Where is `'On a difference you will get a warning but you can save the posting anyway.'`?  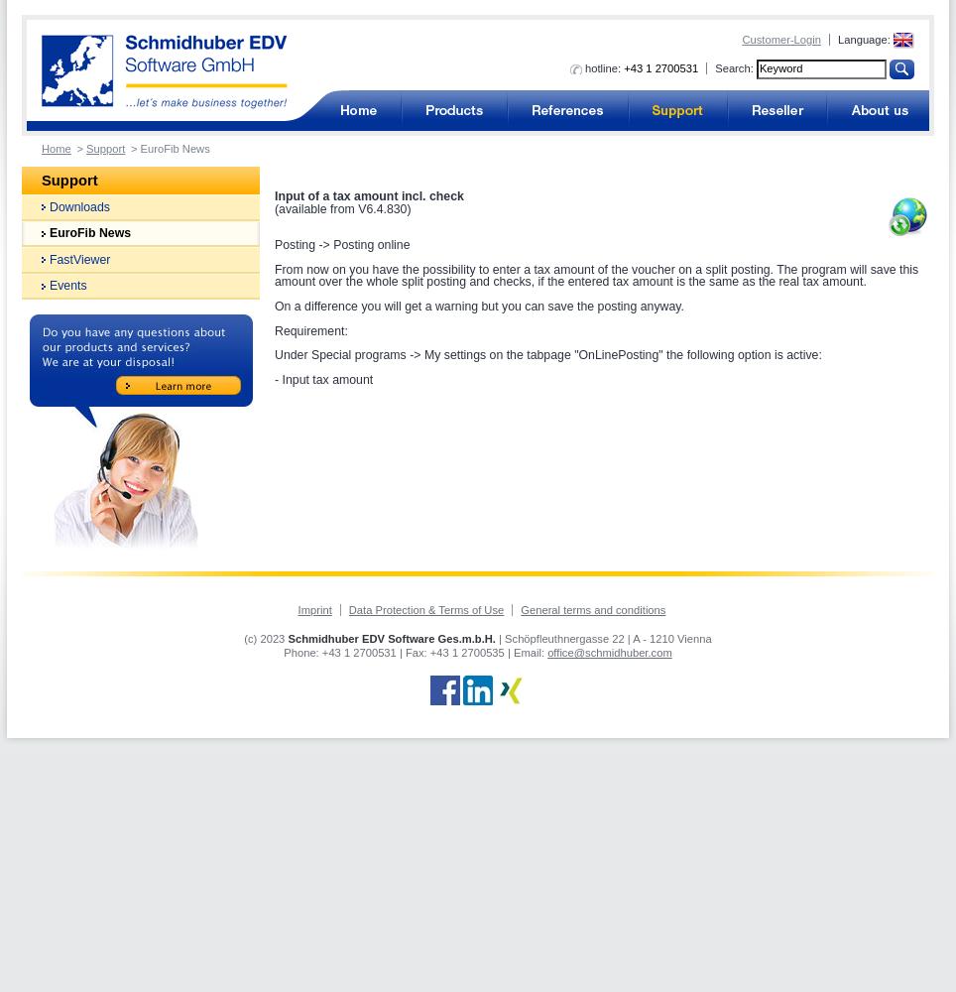 'On a difference you will get a warning but you can save the posting anyway.' is located at coordinates (478, 307).